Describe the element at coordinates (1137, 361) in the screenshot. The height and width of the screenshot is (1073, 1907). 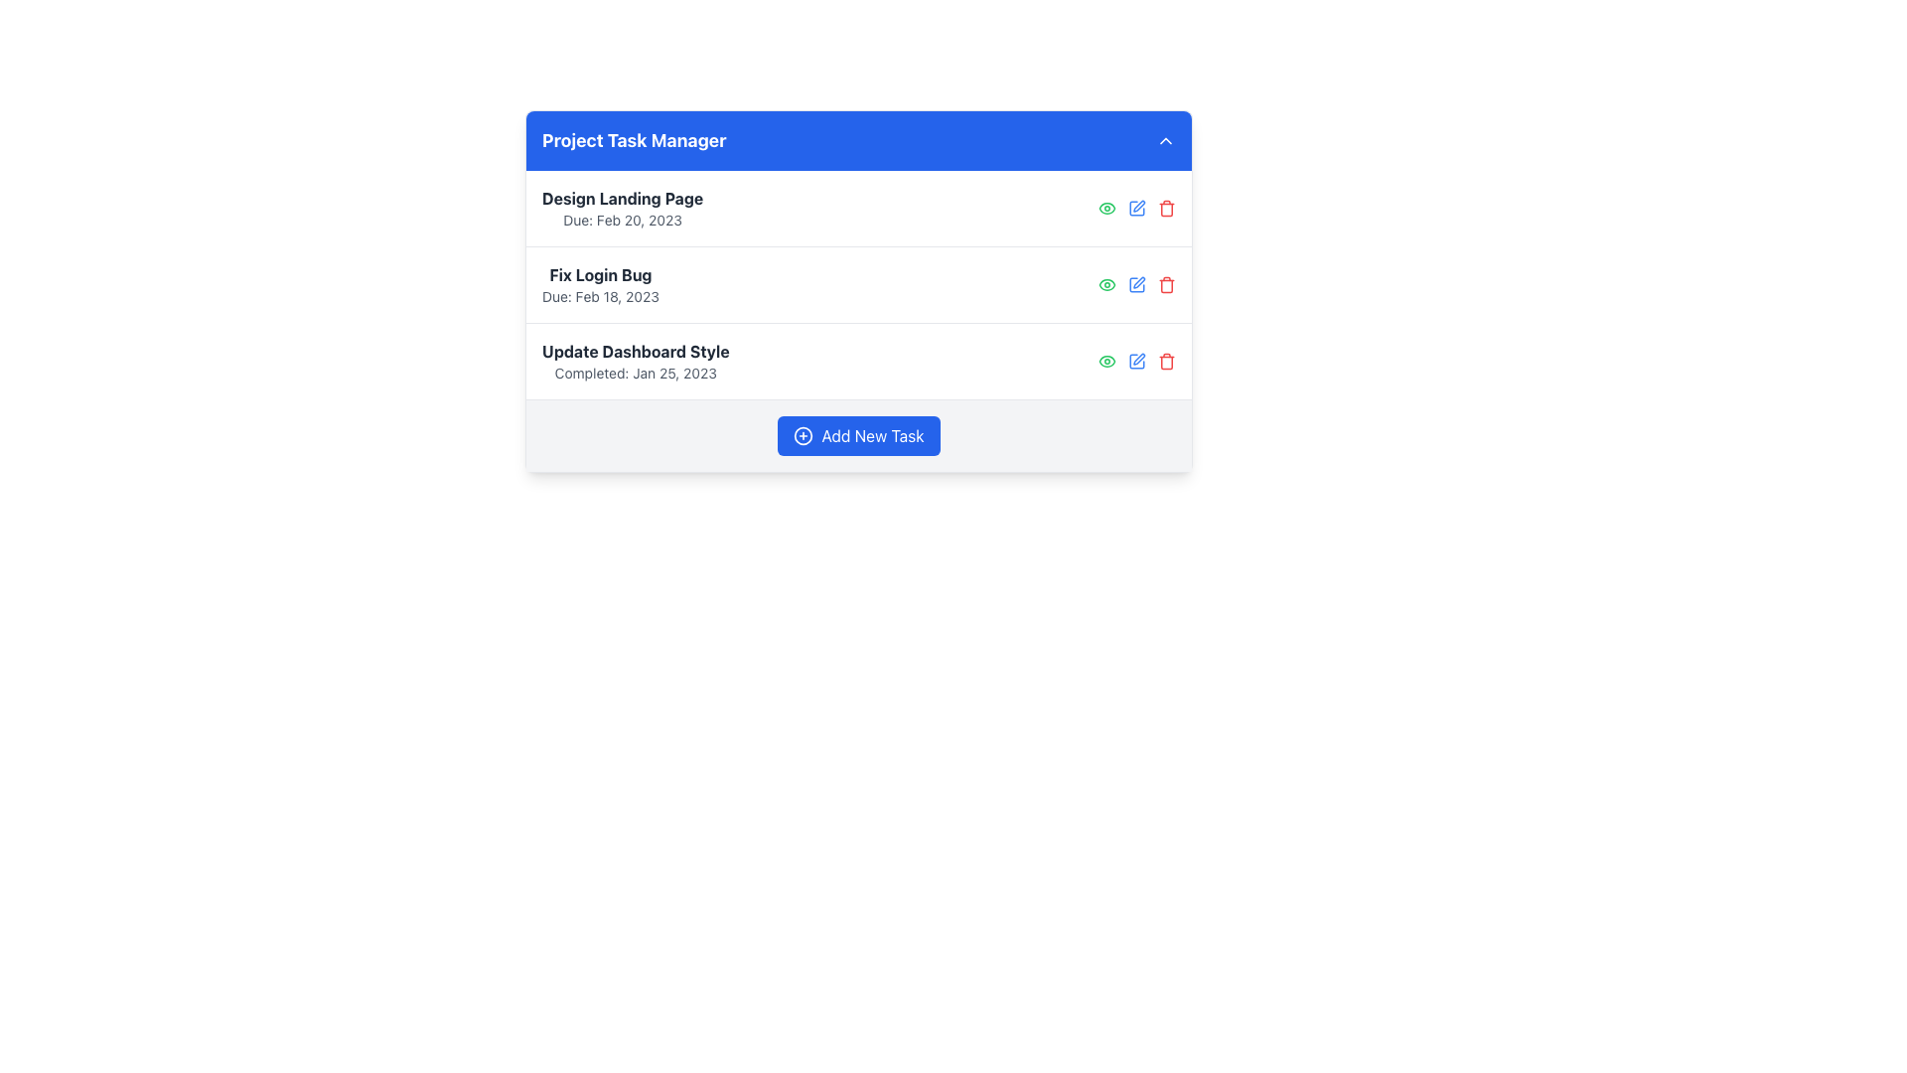
I see `the edit button for the task item 'Update Dashboard Style'` at that location.